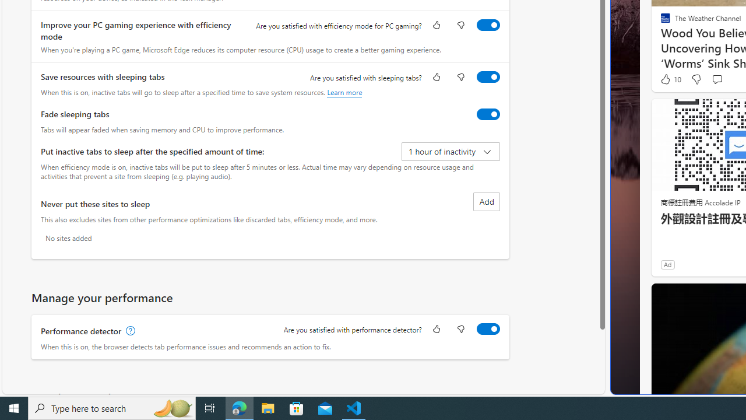  I want to click on 'Fade sleeping tabs', so click(488, 114).